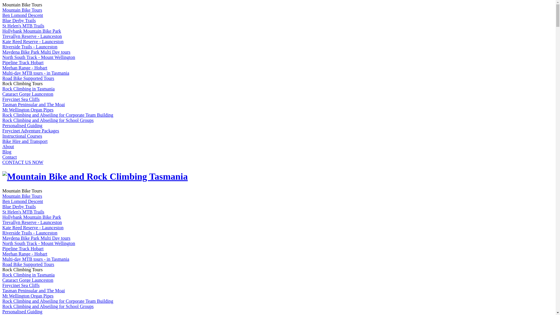 This screenshot has height=315, width=560. Describe the element at coordinates (2, 41) in the screenshot. I see `'Kate Reed Reserve - Launceston'` at that location.